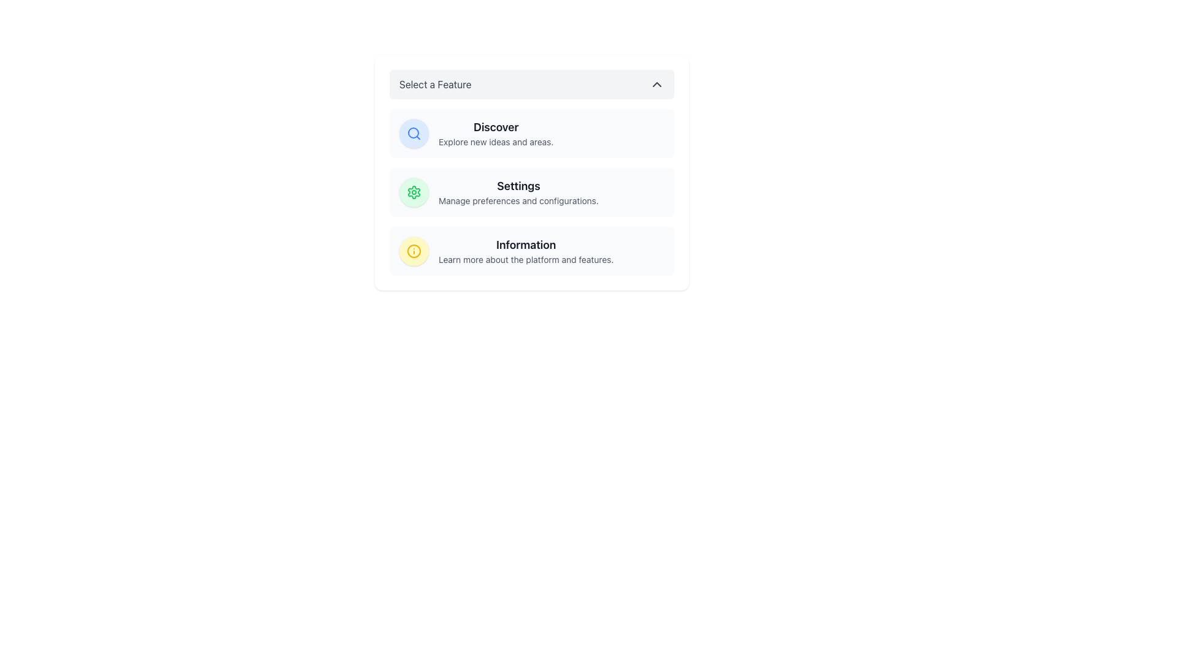  I want to click on the chevron icon located on the far-right side of the 'Select a Feature' bar, so click(656, 84).